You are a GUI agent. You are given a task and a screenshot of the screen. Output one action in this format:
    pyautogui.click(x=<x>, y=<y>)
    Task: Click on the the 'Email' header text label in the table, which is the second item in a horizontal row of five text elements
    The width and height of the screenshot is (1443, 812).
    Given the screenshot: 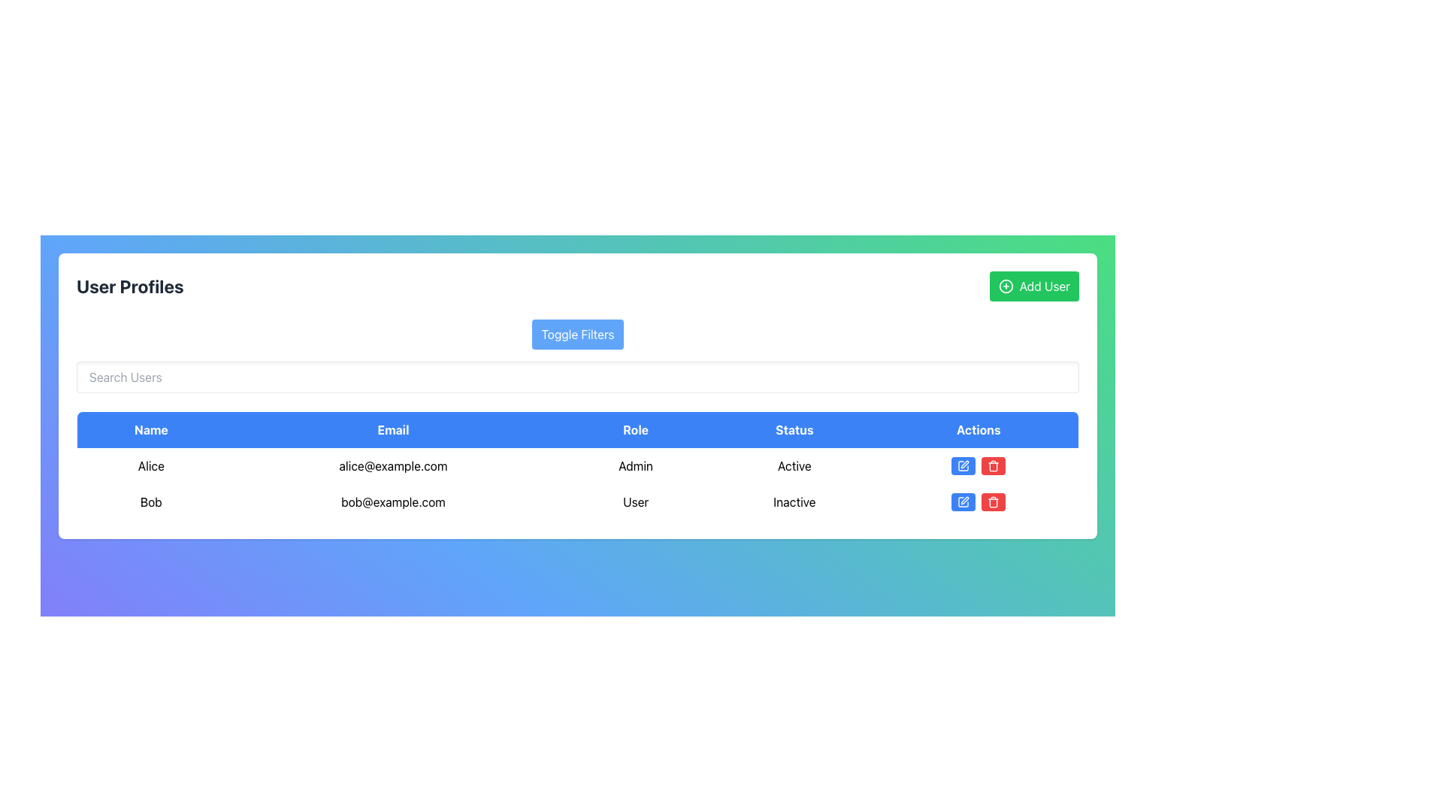 What is the action you would take?
    pyautogui.click(x=393, y=429)
    